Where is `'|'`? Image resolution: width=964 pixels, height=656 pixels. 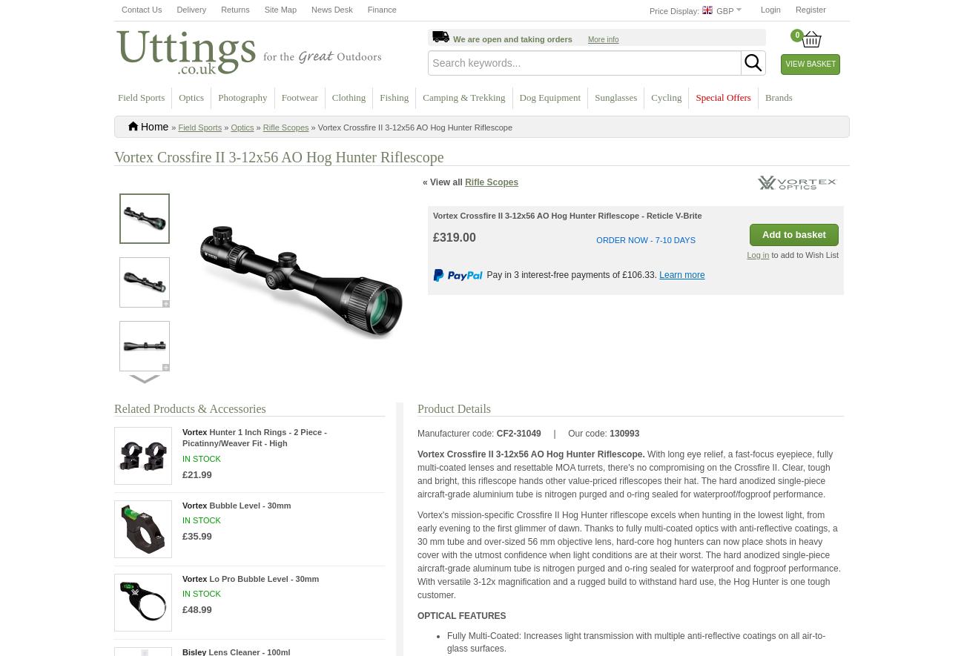 '|' is located at coordinates (555, 433).